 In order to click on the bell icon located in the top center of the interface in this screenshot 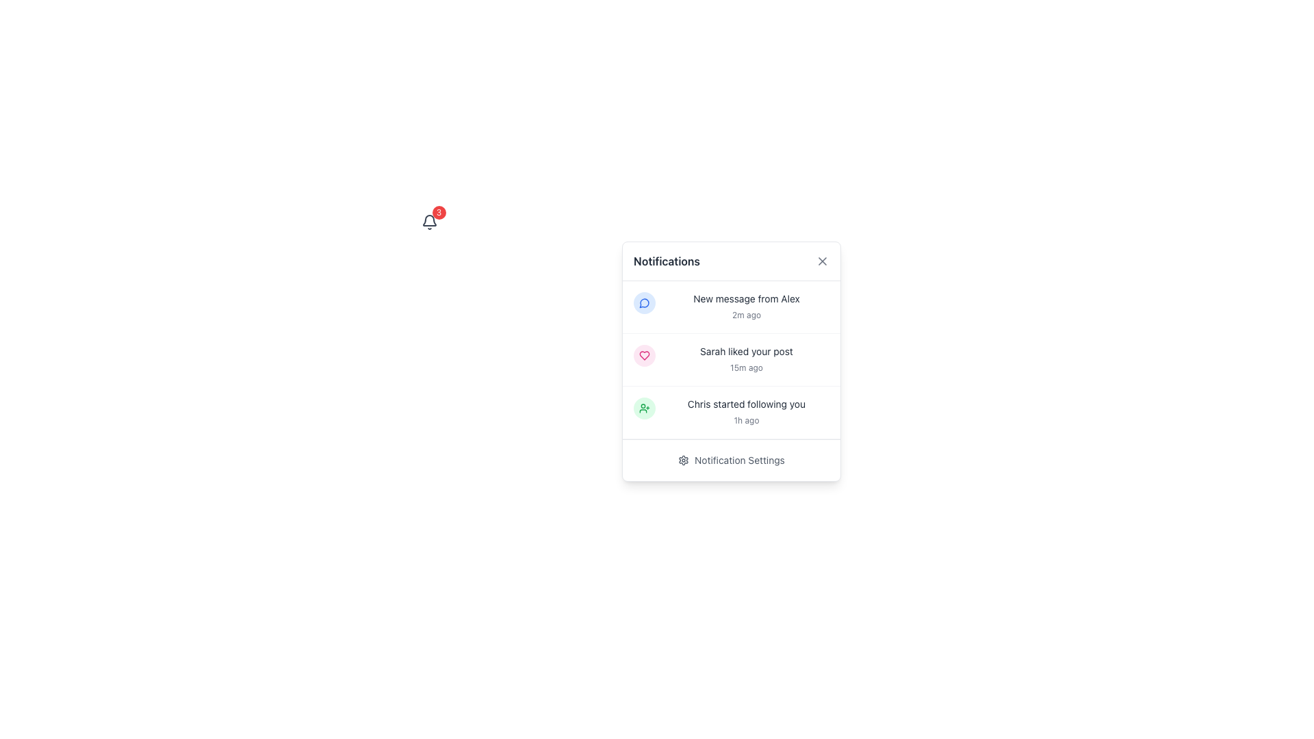, I will do `click(428, 221)`.